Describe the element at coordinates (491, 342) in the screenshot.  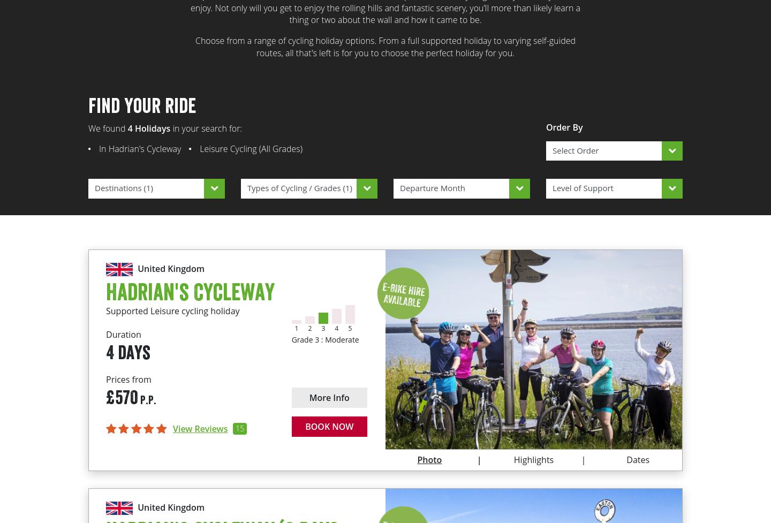
I see `'The picturesque market town of Corbridge'` at that location.